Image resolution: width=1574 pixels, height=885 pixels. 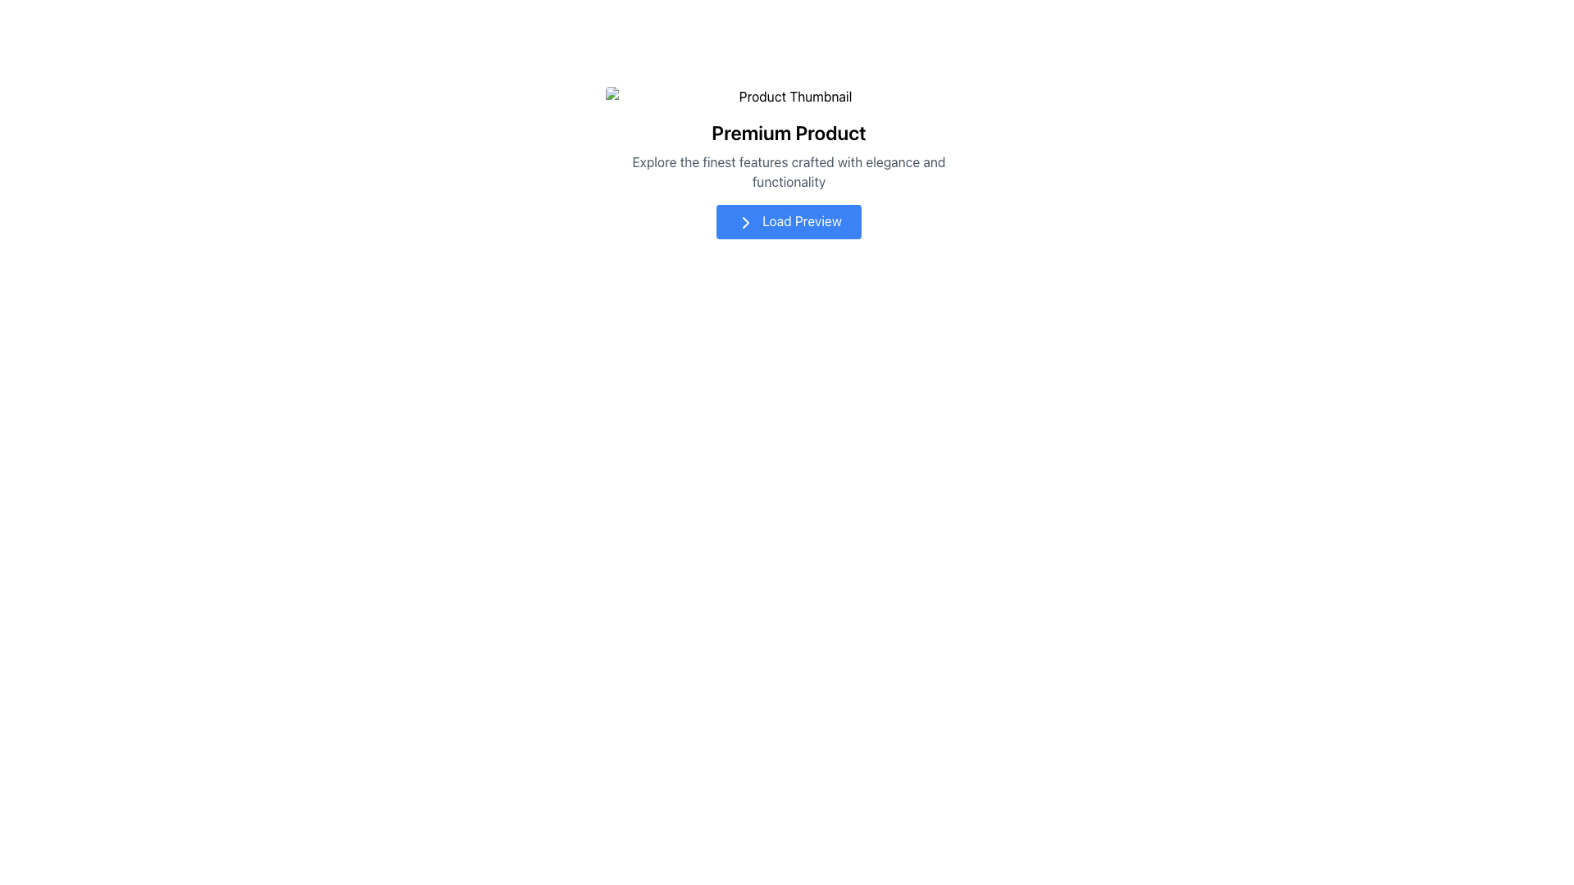 What do you see at coordinates (745, 222) in the screenshot?
I see `the right-facing chevron icon, which is part of a group aligned with the 'Load Preview' button` at bounding box center [745, 222].